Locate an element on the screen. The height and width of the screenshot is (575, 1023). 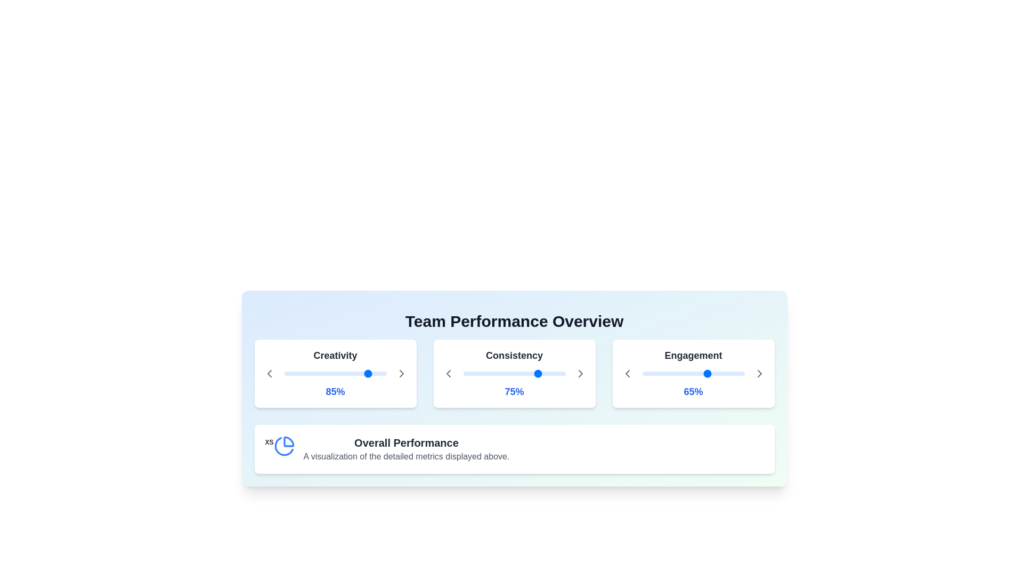
'Overall Performance' text label, which is styled in a large, bold dark gray font and located at the top of its section, below the 'Team Performance Overview' is located at coordinates (406, 443).